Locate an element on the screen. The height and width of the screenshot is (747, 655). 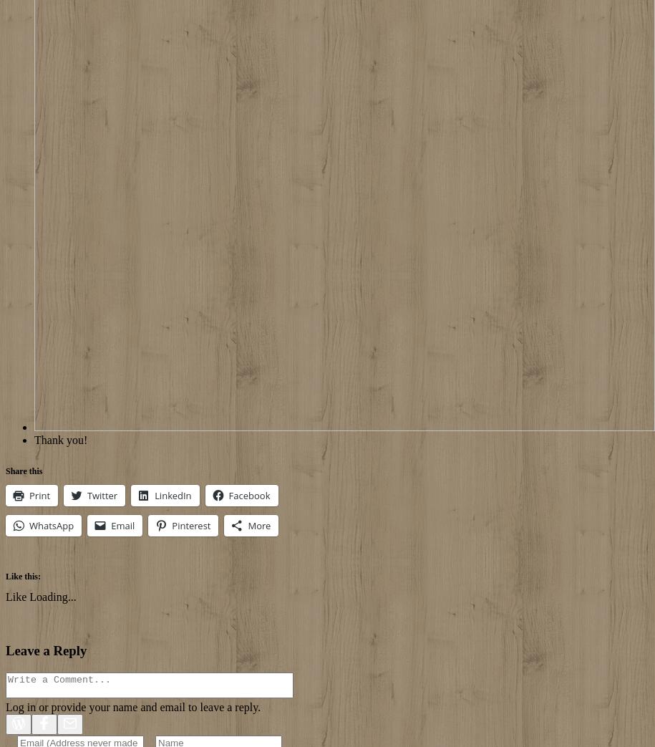
'WhatsApp' is located at coordinates (51, 525).